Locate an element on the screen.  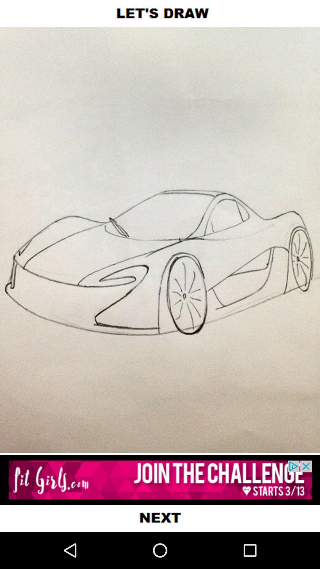
next image is located at coordinates (160, 518).